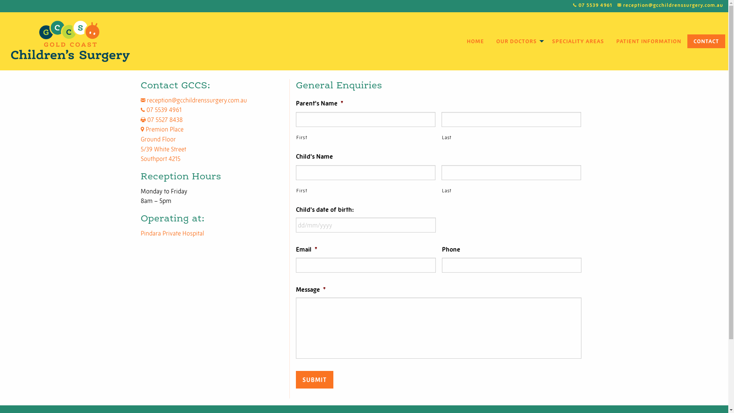 The height and width of the screenshot is (413, 734). What do you see at coordinates (648, 41) in the screenshot?
I see `'PATIENT INFORMATION'` at bounding box center [648, 41].